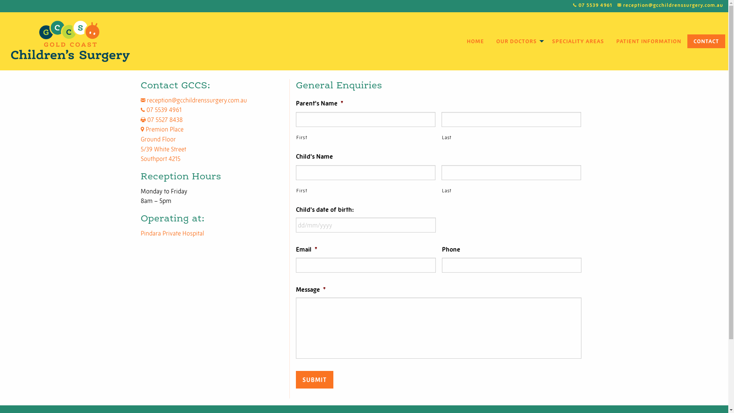 The height and width of the screenshot is (413, 734). What do you see at coordinates (648, 41) in the screenshot?
I see `'PATIENT INFORMATION'` at bounding box center [648, 41].